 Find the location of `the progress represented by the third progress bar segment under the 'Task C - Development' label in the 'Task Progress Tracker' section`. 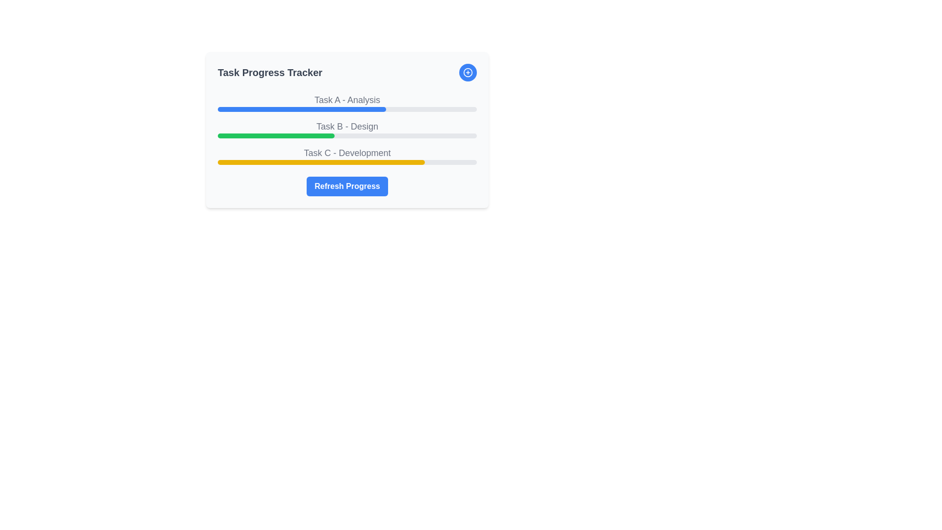

the progress represented by the third progress bar segment under the 'Task C - Development' label in the 'Task Progress Tracker' section is located at coordinates (321, 162).